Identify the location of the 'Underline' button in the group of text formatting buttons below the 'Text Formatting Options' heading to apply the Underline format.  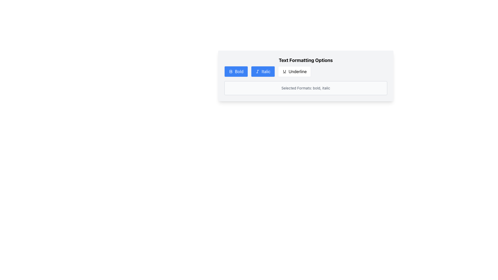
(306, 72).